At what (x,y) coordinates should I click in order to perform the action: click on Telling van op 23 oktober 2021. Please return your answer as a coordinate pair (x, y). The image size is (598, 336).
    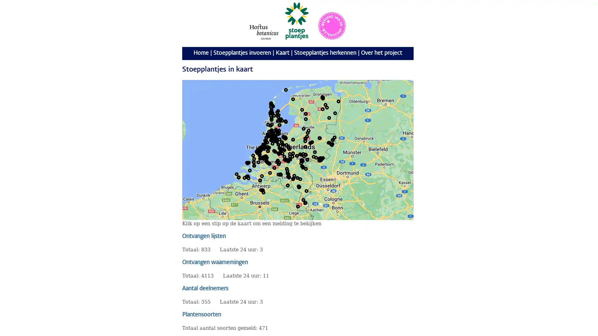
    Looking at the image, I should click on (276, 130).